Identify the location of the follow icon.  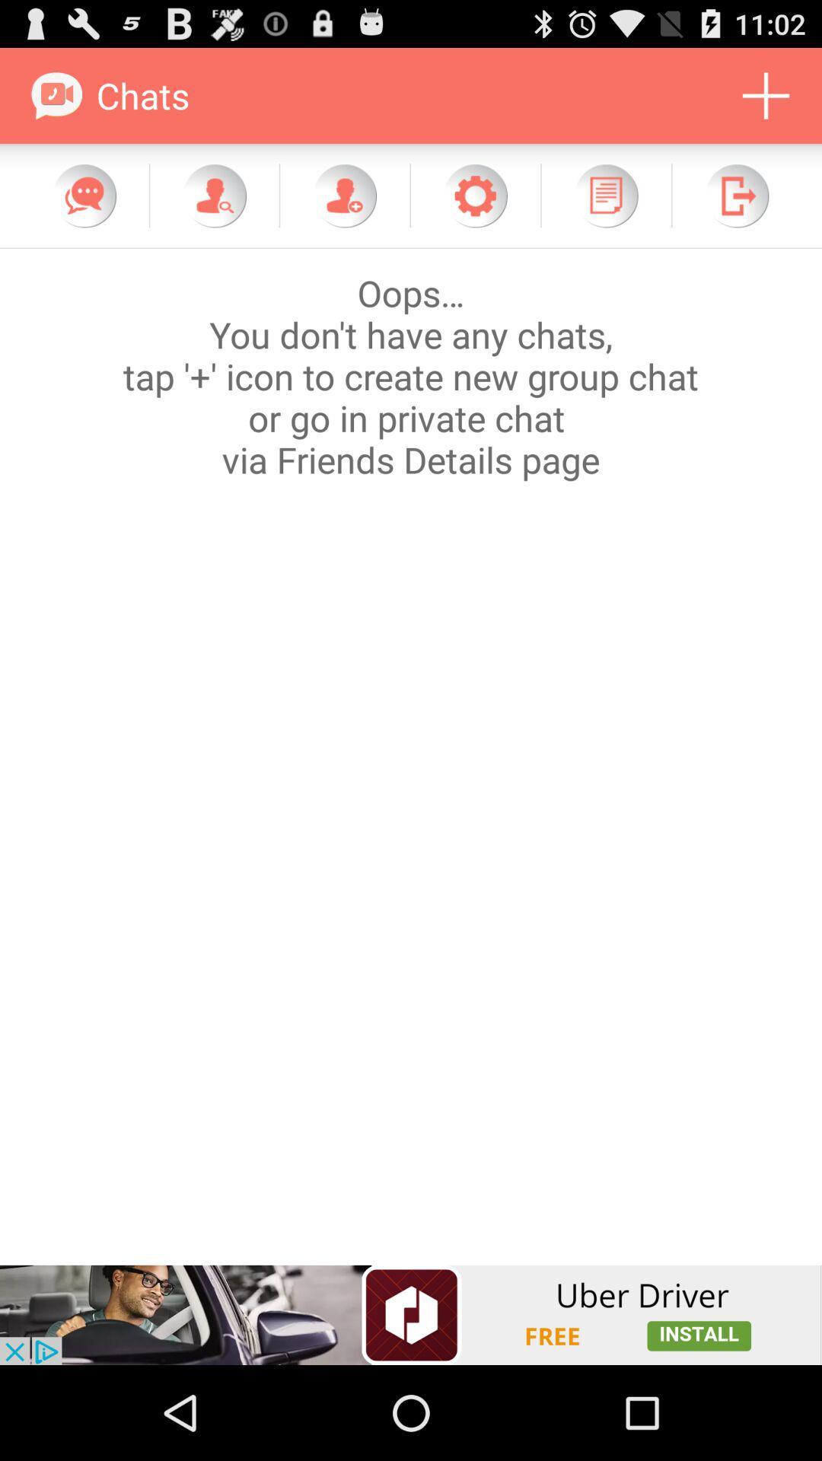
(344, 208).